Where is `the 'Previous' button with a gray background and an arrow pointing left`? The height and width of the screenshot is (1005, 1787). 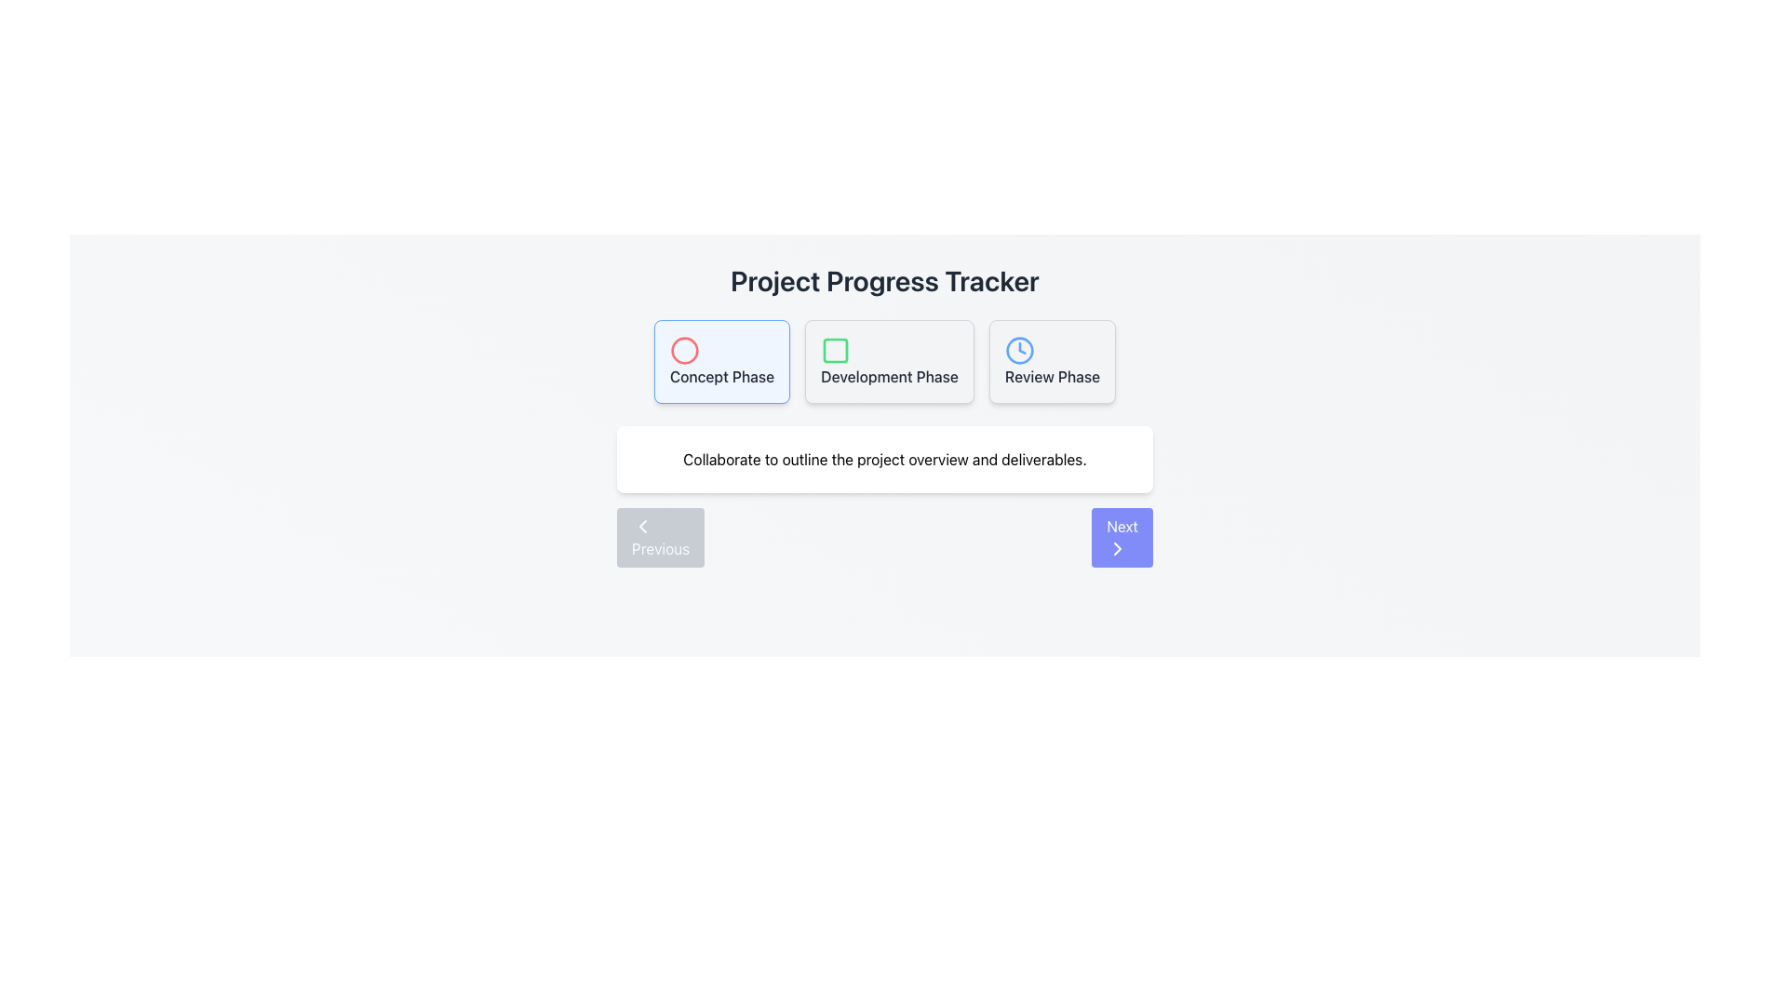 the 'Previous' button with a gray background and an arrow pointing left is located at coordinates (661, 538).